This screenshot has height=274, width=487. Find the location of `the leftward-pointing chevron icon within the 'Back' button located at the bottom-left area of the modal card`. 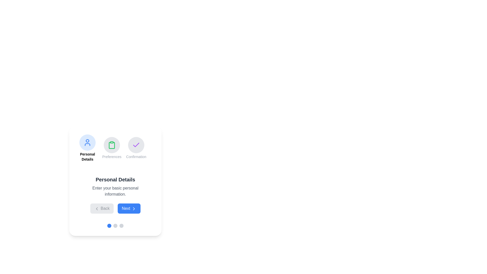

the leftward-pointing chevron icon within the 'Back' button located at the bottom-left area of the modal card is located at coordinates (97, 209).